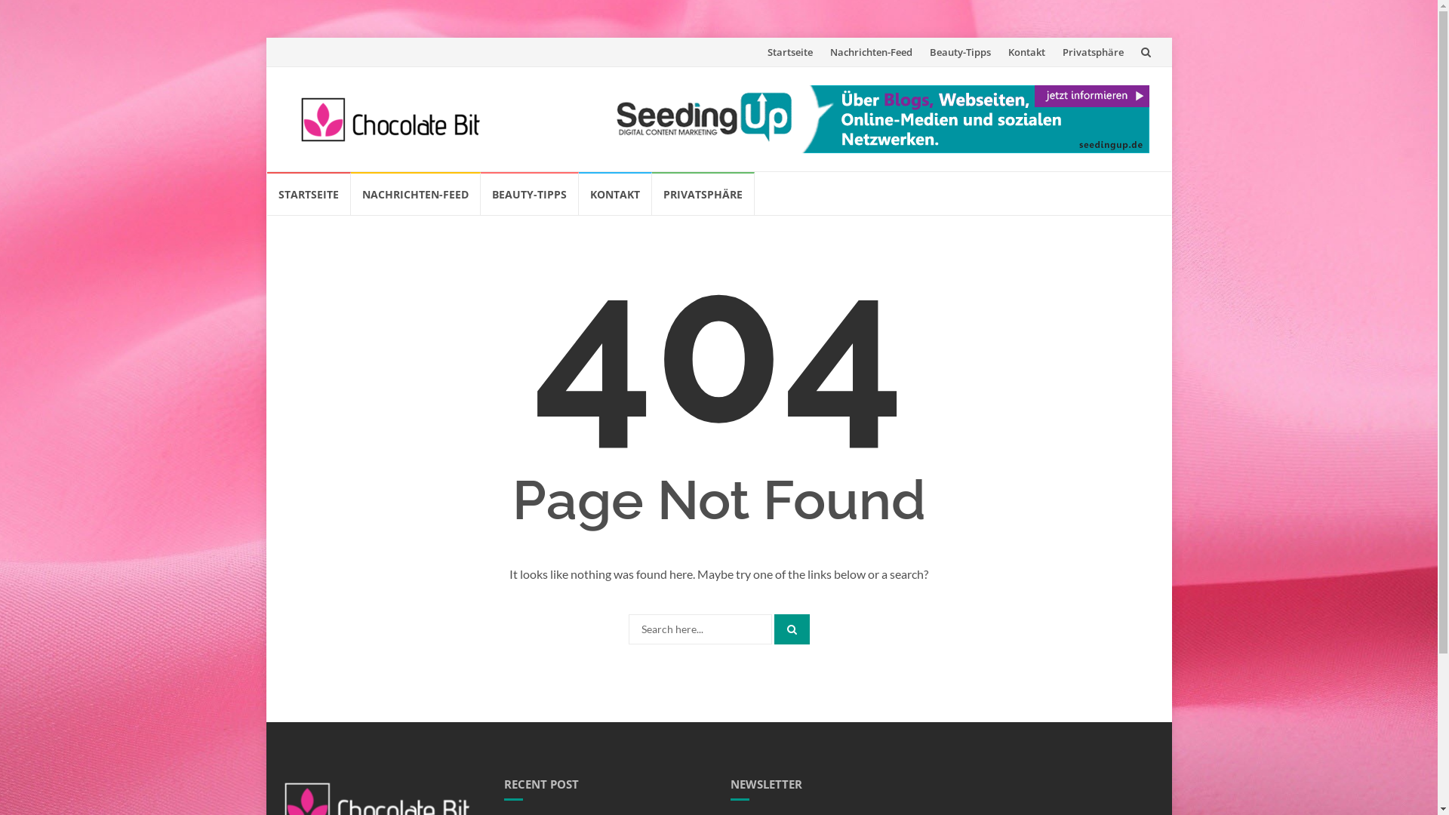 The image size is (1449, 815). I want to click on 'KONTAKT', so click(614, 192).